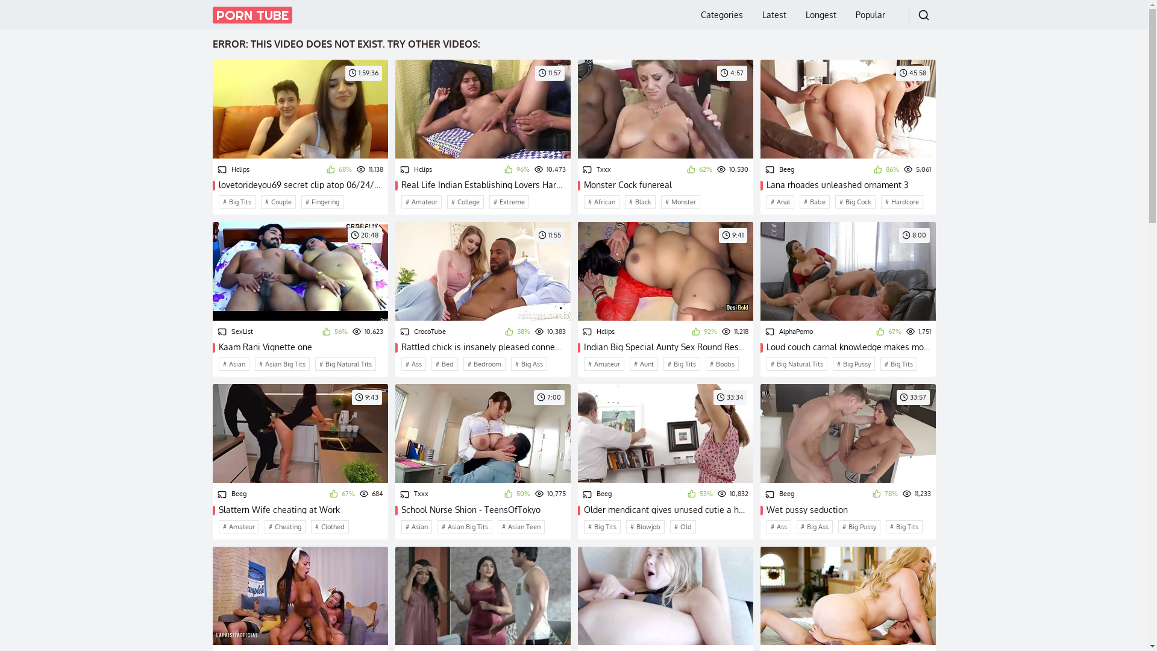  Describe the element at coordinates (299, 185) in the screenshot. I see `'lovetorideyou69 secret clip atop 06/24/2015 from chaturbate'` at that location.